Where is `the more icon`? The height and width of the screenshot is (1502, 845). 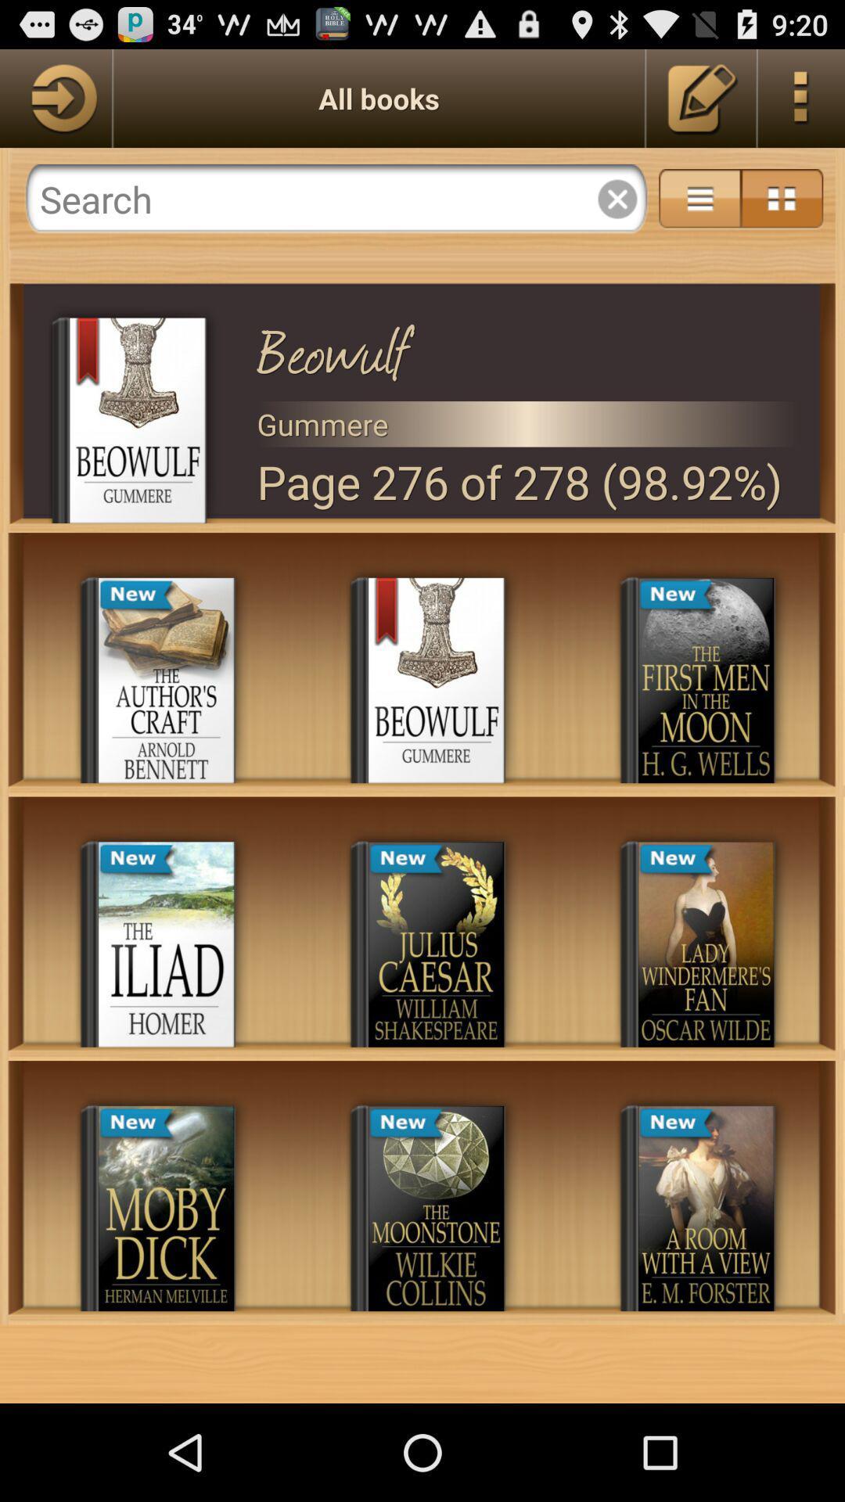 the more icon is located at coordinates (801, 104).